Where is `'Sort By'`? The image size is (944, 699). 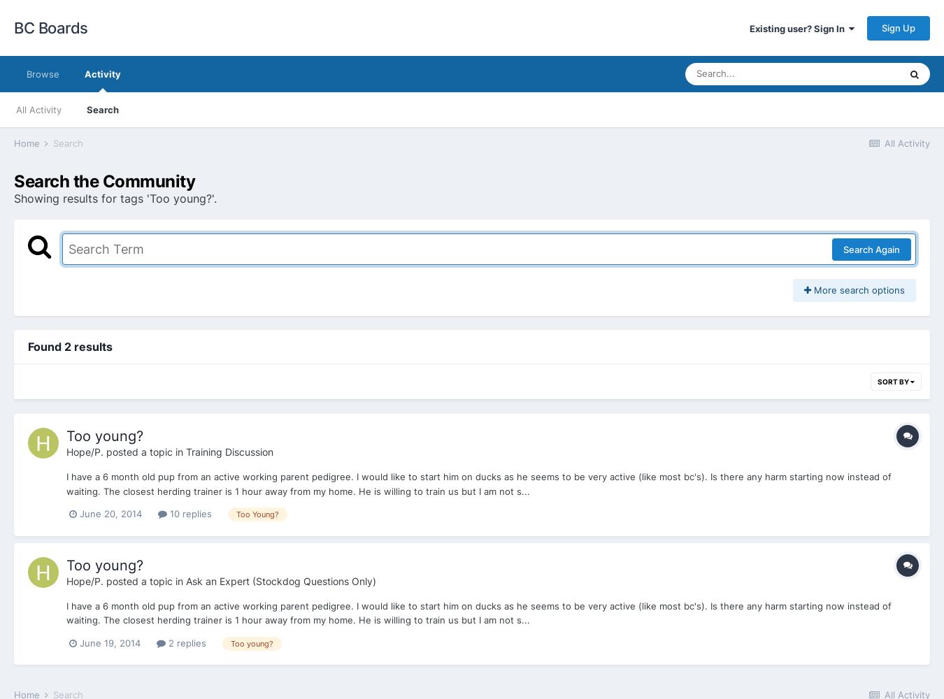
'Sort By' is located at coordinates (894, 381).